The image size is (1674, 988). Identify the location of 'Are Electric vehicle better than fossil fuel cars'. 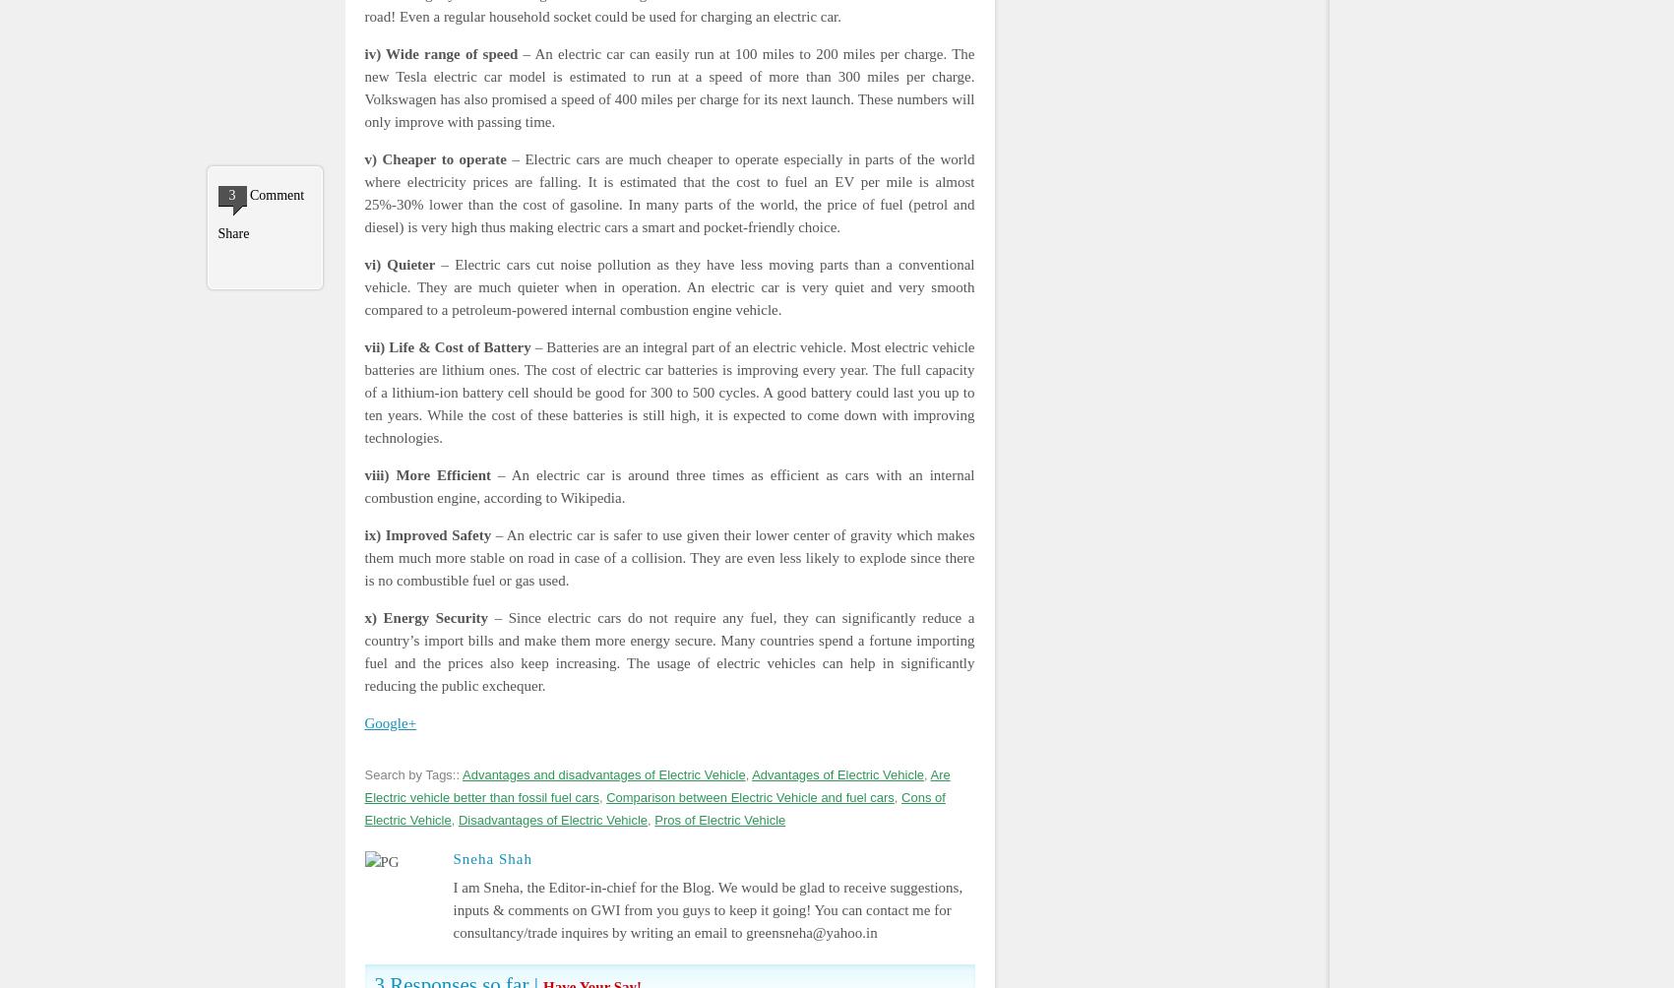
(655, 784).